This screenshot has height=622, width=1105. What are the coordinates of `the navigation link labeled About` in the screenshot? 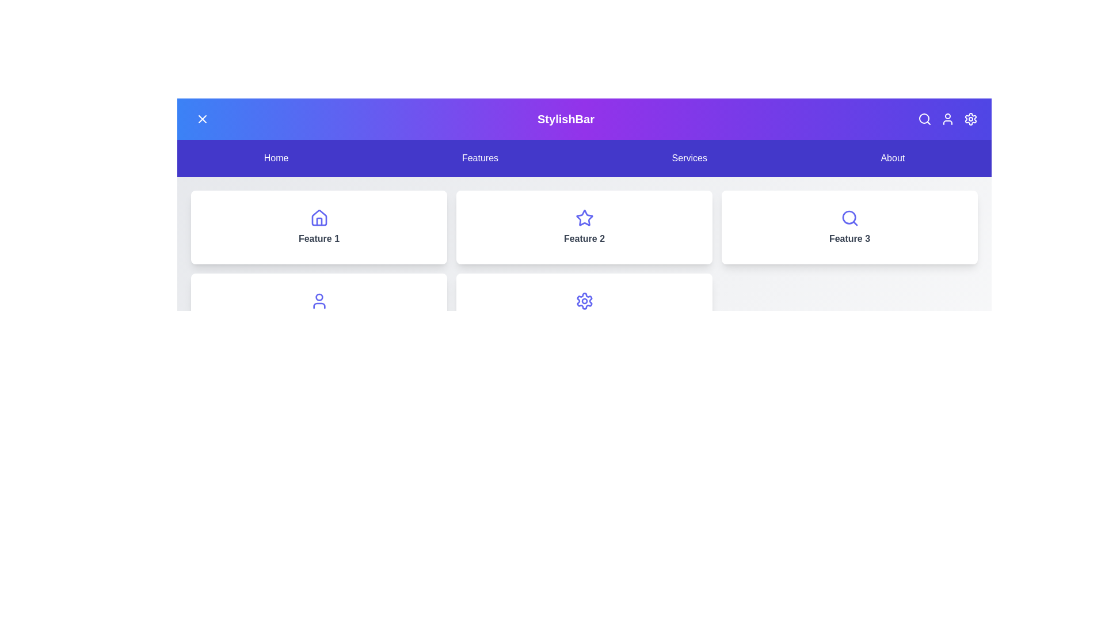 It's located at (891, 158).